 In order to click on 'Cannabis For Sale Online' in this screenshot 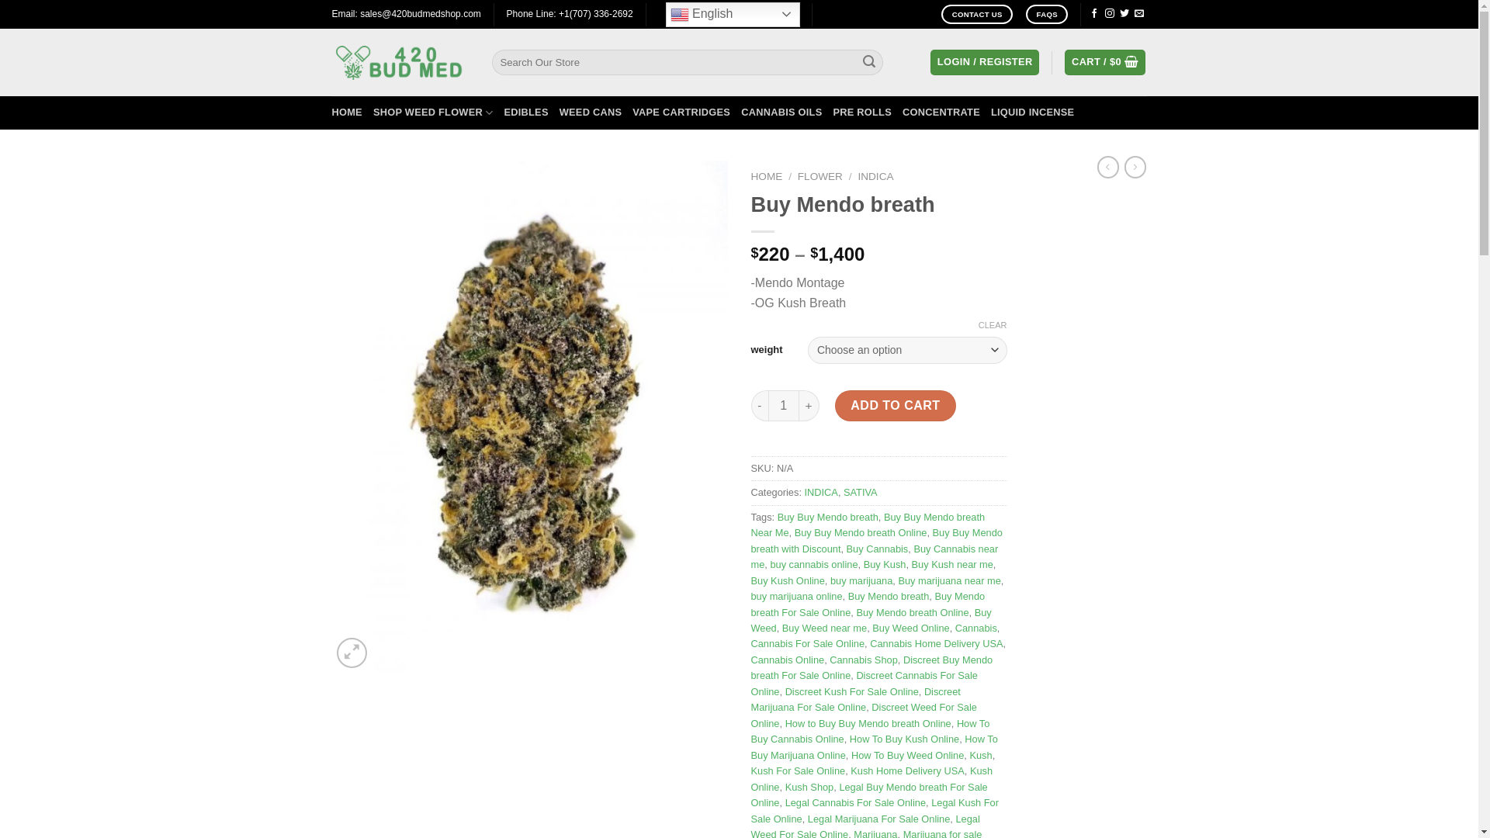, I will do `click(807, 643)`.